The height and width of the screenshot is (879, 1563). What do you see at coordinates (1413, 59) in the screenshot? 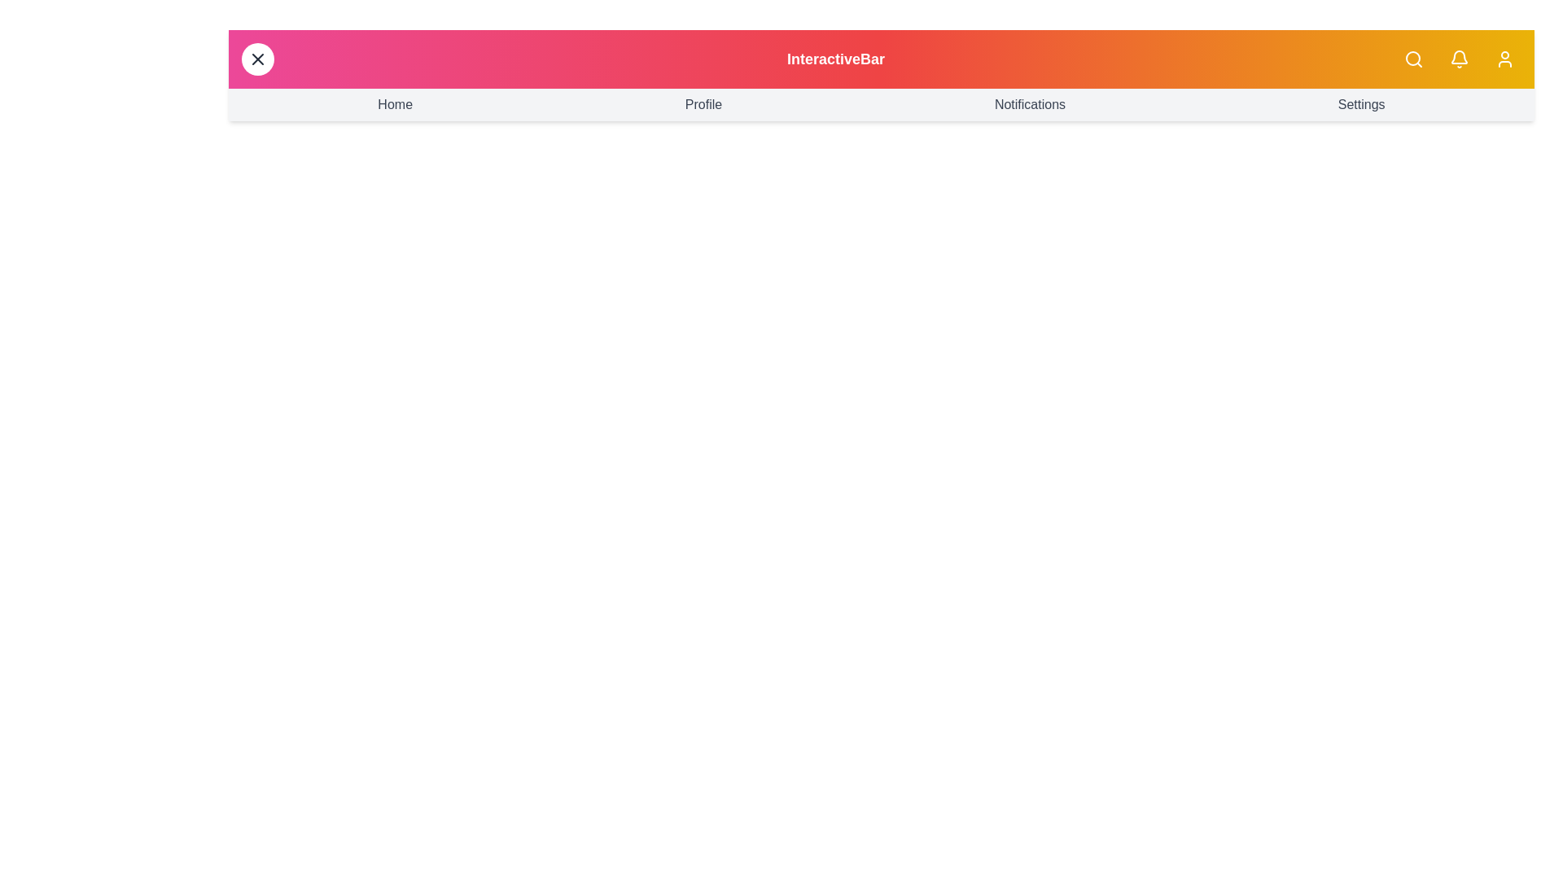
I see `search icon to initiate a search` at bounding box center [1413, 59].